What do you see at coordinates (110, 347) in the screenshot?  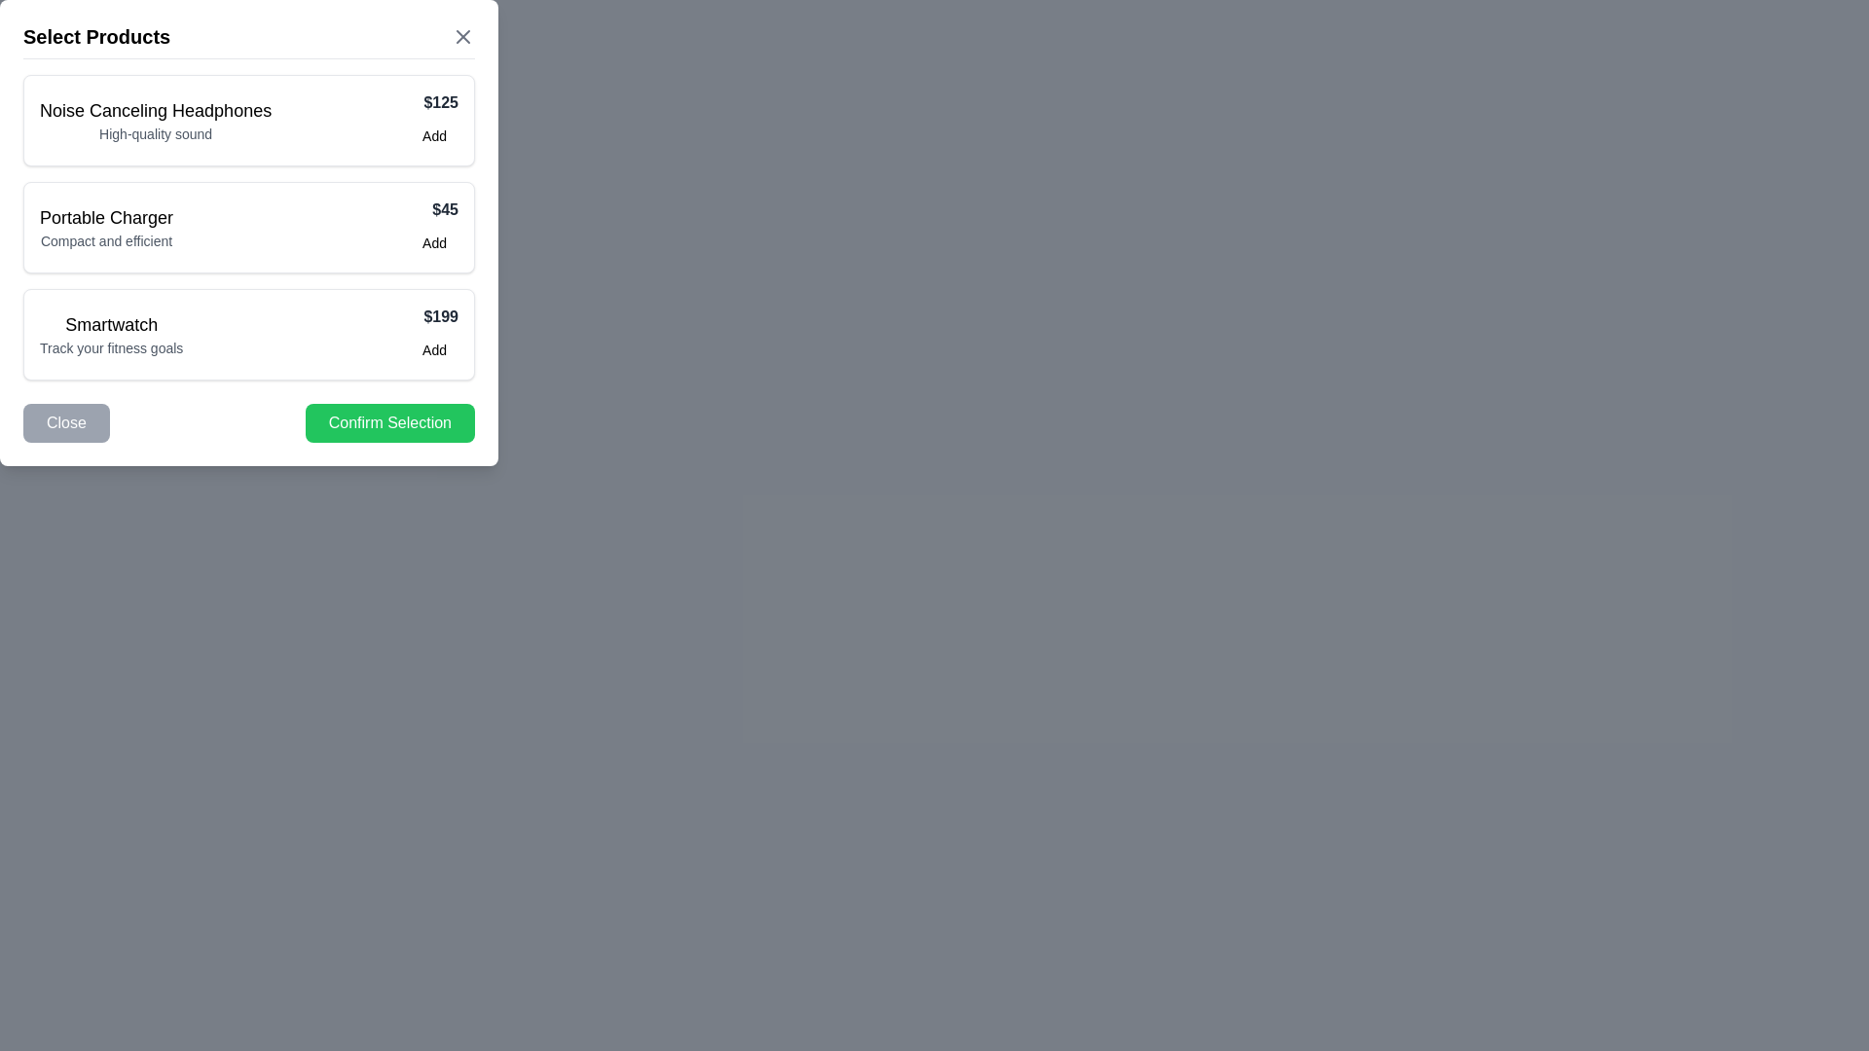 I see `the text providing a brief description about the 'Smartwatch' capability of fitness tracking, located right below the title 'Smartwatch'` at bounding box center [110, 347].